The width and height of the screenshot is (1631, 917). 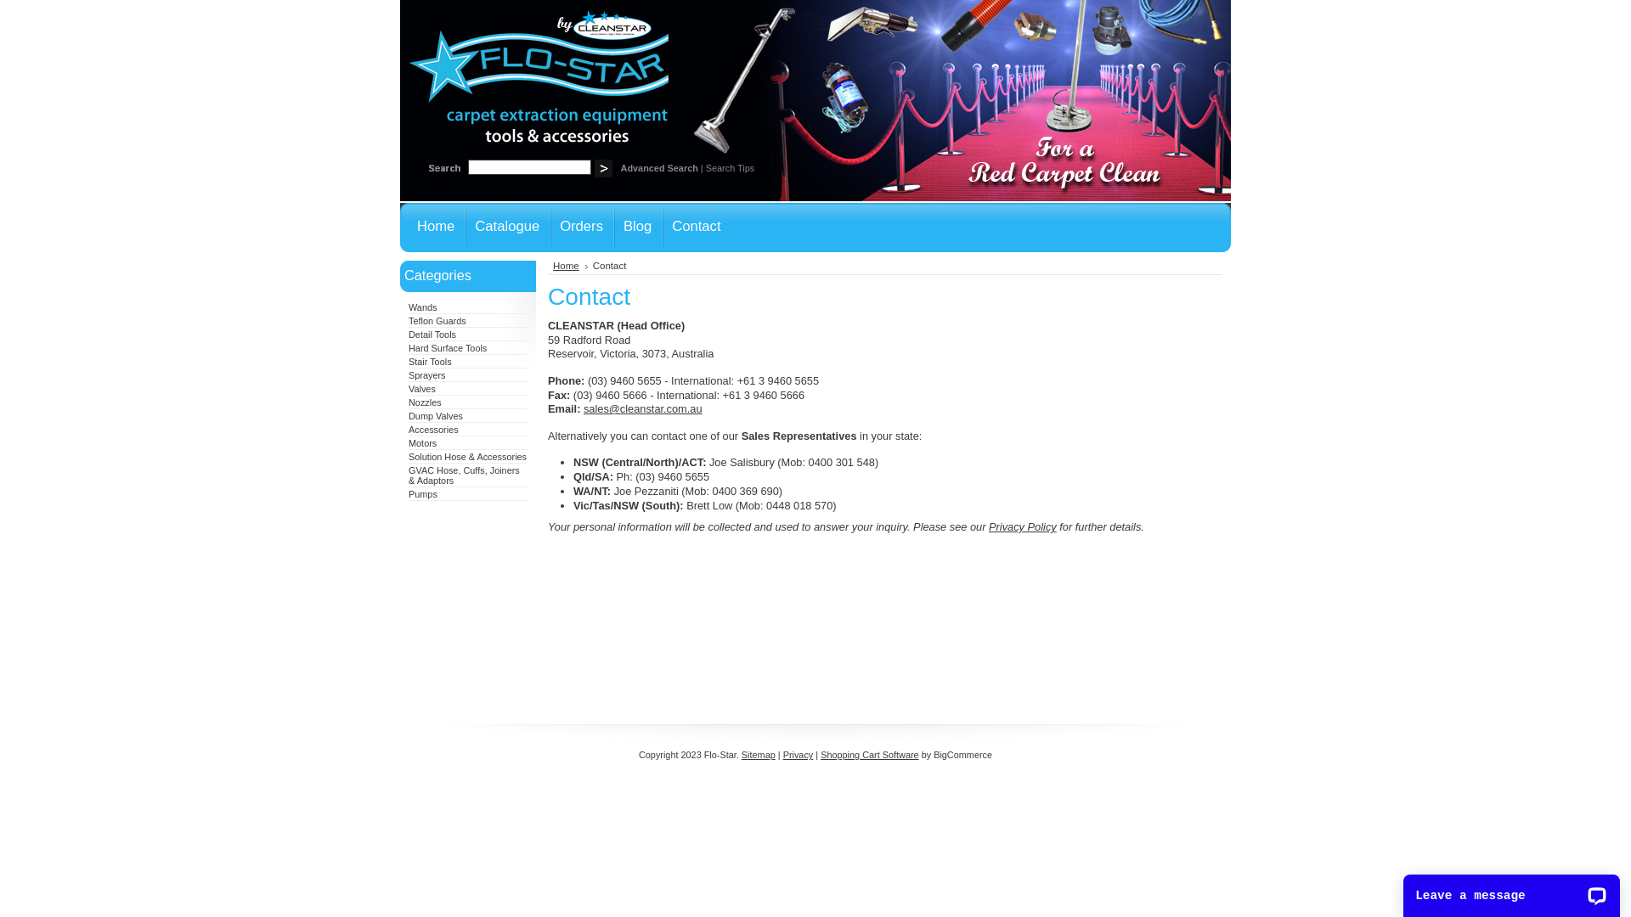 What do you see at coordinates (427, 374) in the screenshot?
I see `'Sprayers'` at bounding box center [427, 374].